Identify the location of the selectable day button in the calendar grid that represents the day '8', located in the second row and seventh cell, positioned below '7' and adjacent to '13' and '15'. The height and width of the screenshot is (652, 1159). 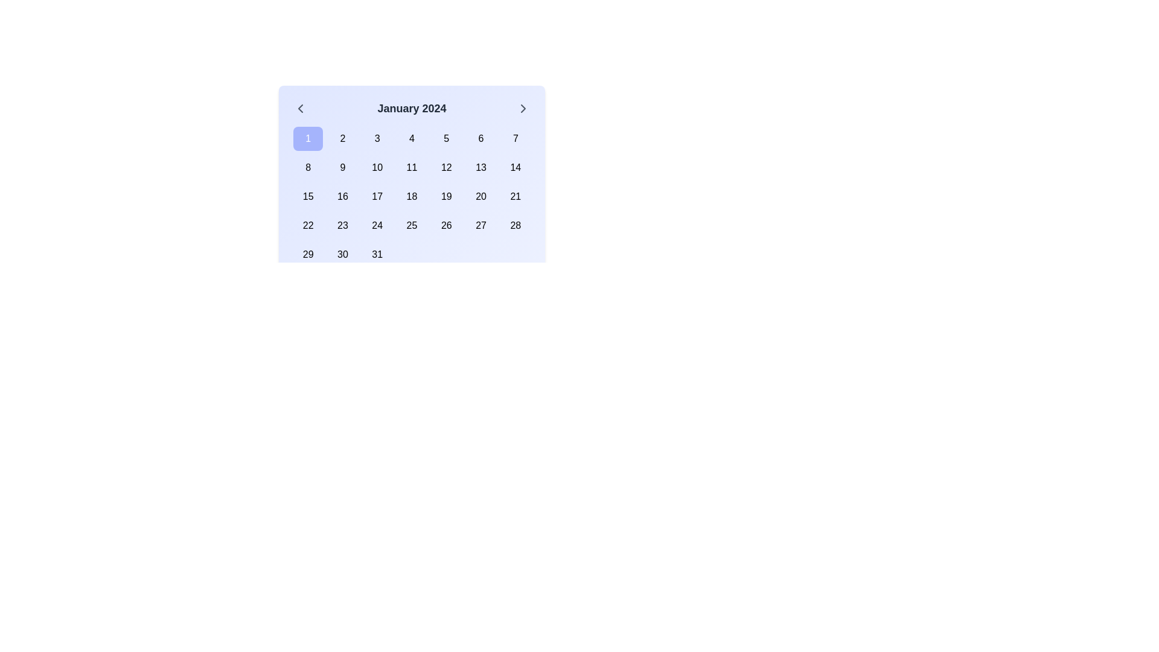
(516, 167).